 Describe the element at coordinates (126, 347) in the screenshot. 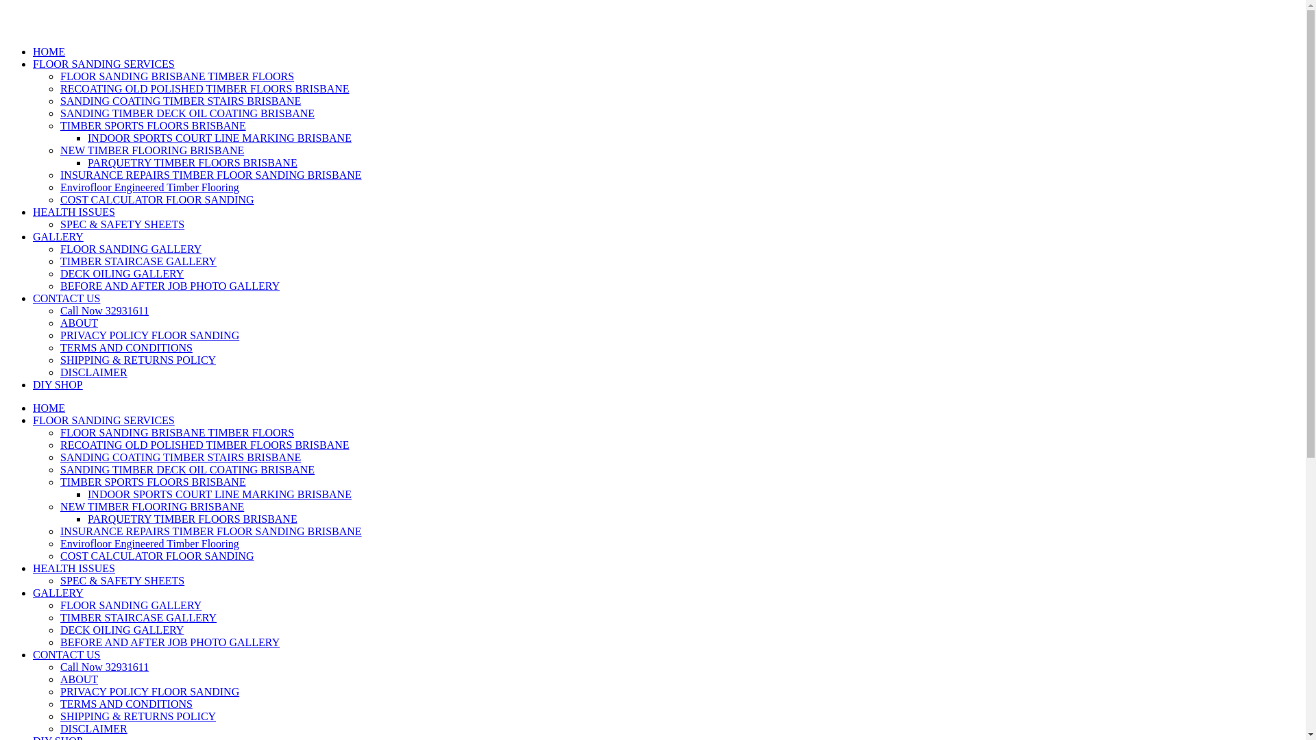

I see `'TERMS AND CONDITIONS'` at that location.